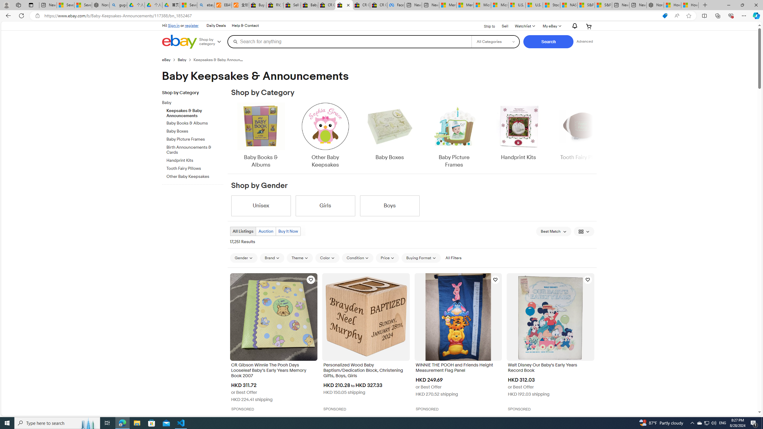 The height and width of the screenshot is (429, 763). Describe the element at coordinates (216, 26) in the screenshot. I see `'Daily Deals'` at that location.